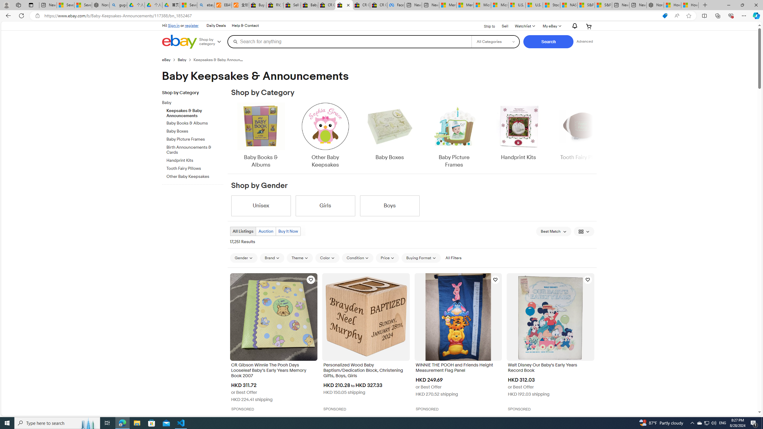 The height and width of the screenshot is (429, 763). Describe the element at coordinates (216, 26) in the screenshot. I see `'Daily Deals'` at that location.